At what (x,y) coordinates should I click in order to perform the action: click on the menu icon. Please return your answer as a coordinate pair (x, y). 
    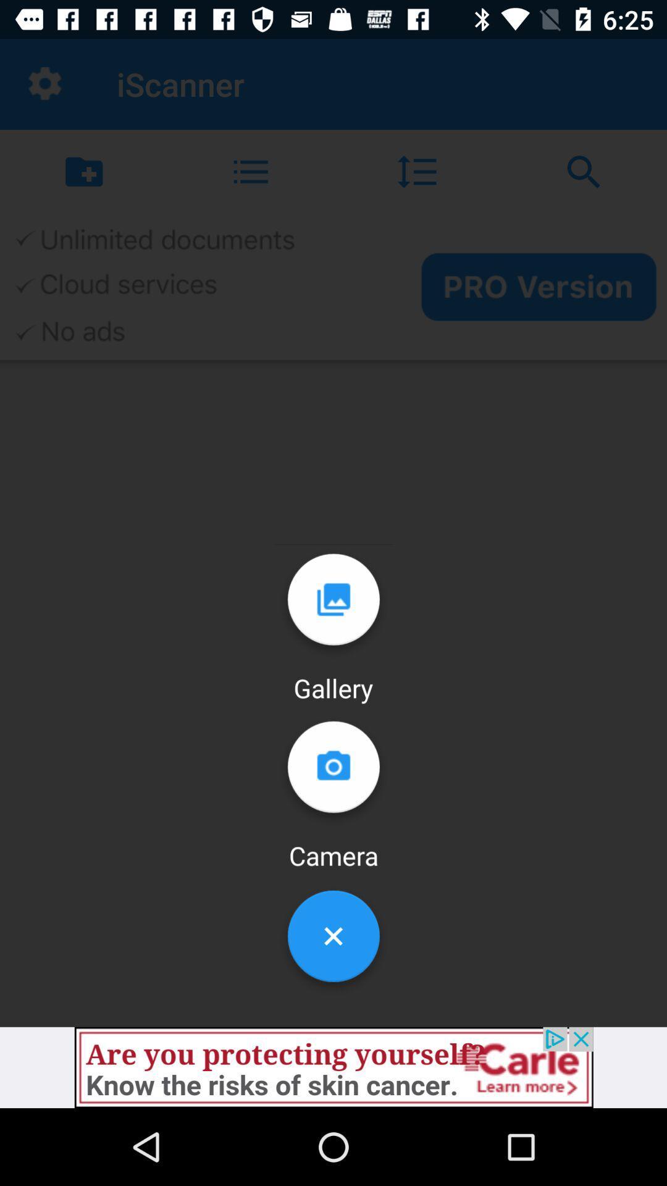
    Looking at the image, I should click on (250, 171).